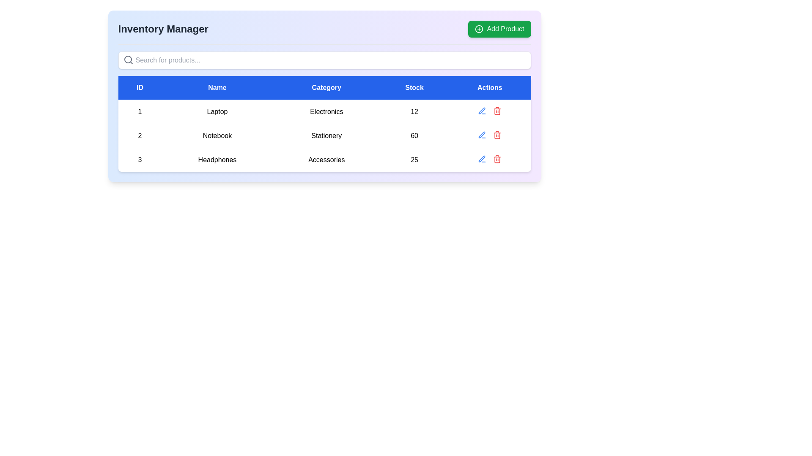  I want to click on the 'Category' text label in the first row of the table that displays 'Laptop' as the product name, so click(326, 111).